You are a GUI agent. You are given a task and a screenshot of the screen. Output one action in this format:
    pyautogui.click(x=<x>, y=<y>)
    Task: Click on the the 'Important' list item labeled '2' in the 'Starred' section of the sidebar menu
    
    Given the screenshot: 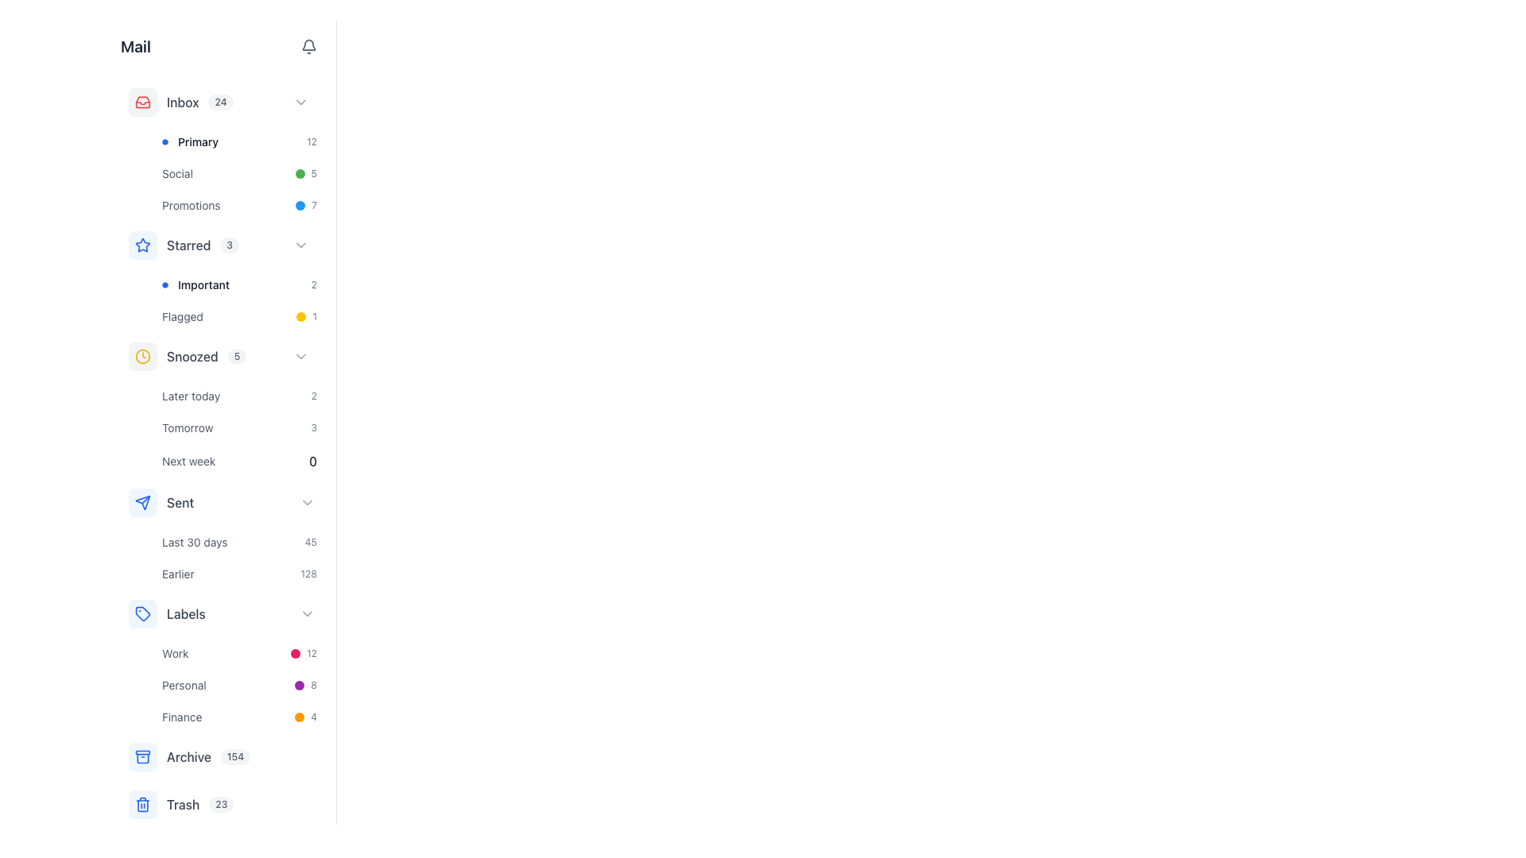 What is the action you would take?
    pyautogui.click(x=221, y=276)
    